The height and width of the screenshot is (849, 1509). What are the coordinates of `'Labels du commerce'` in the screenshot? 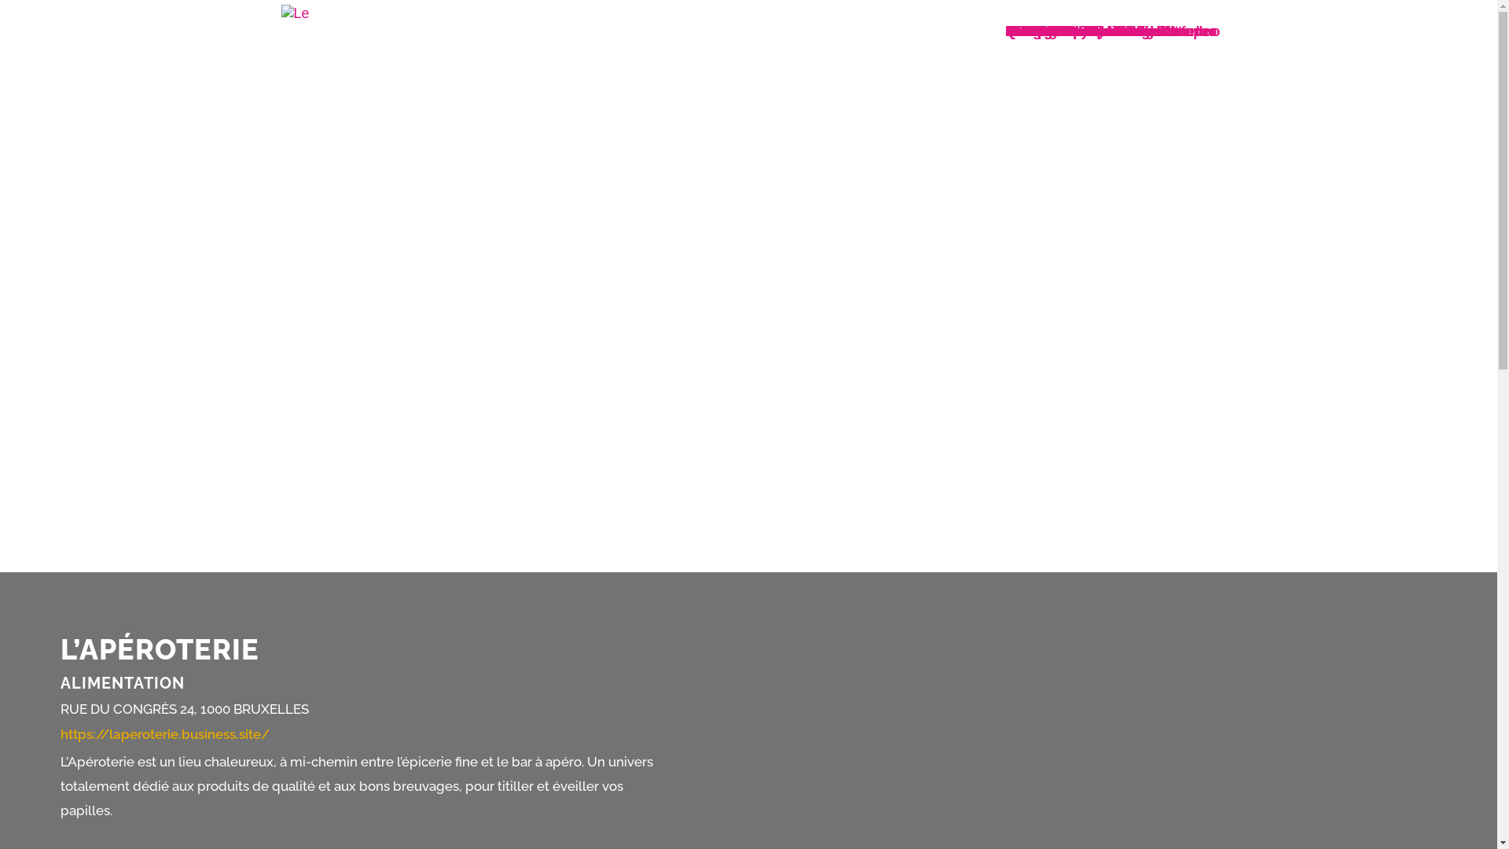 It's located at (1074, 31).